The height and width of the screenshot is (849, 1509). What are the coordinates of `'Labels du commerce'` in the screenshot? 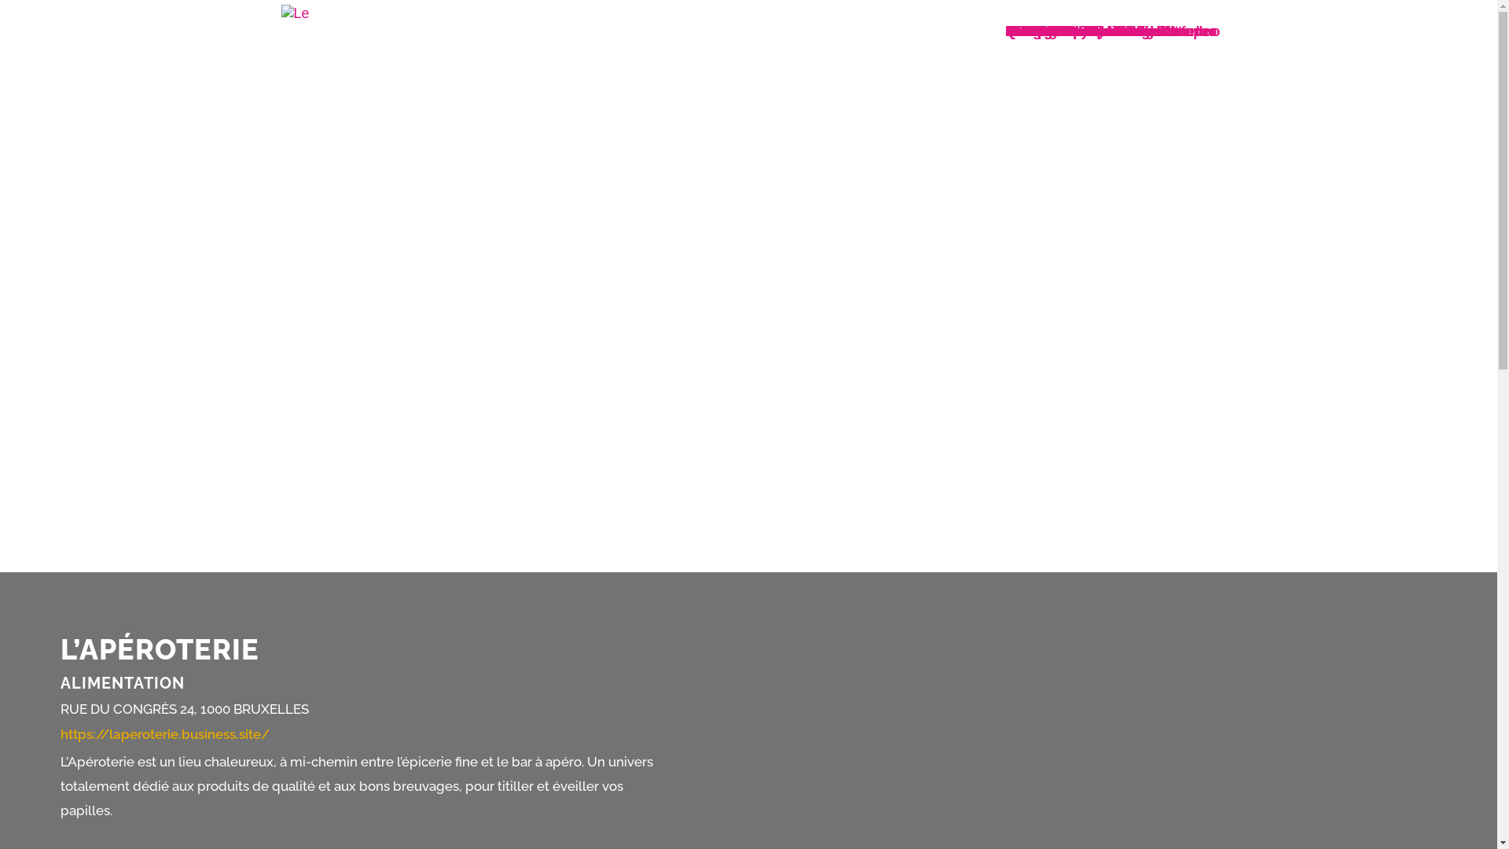 It's located at (1074, 31).